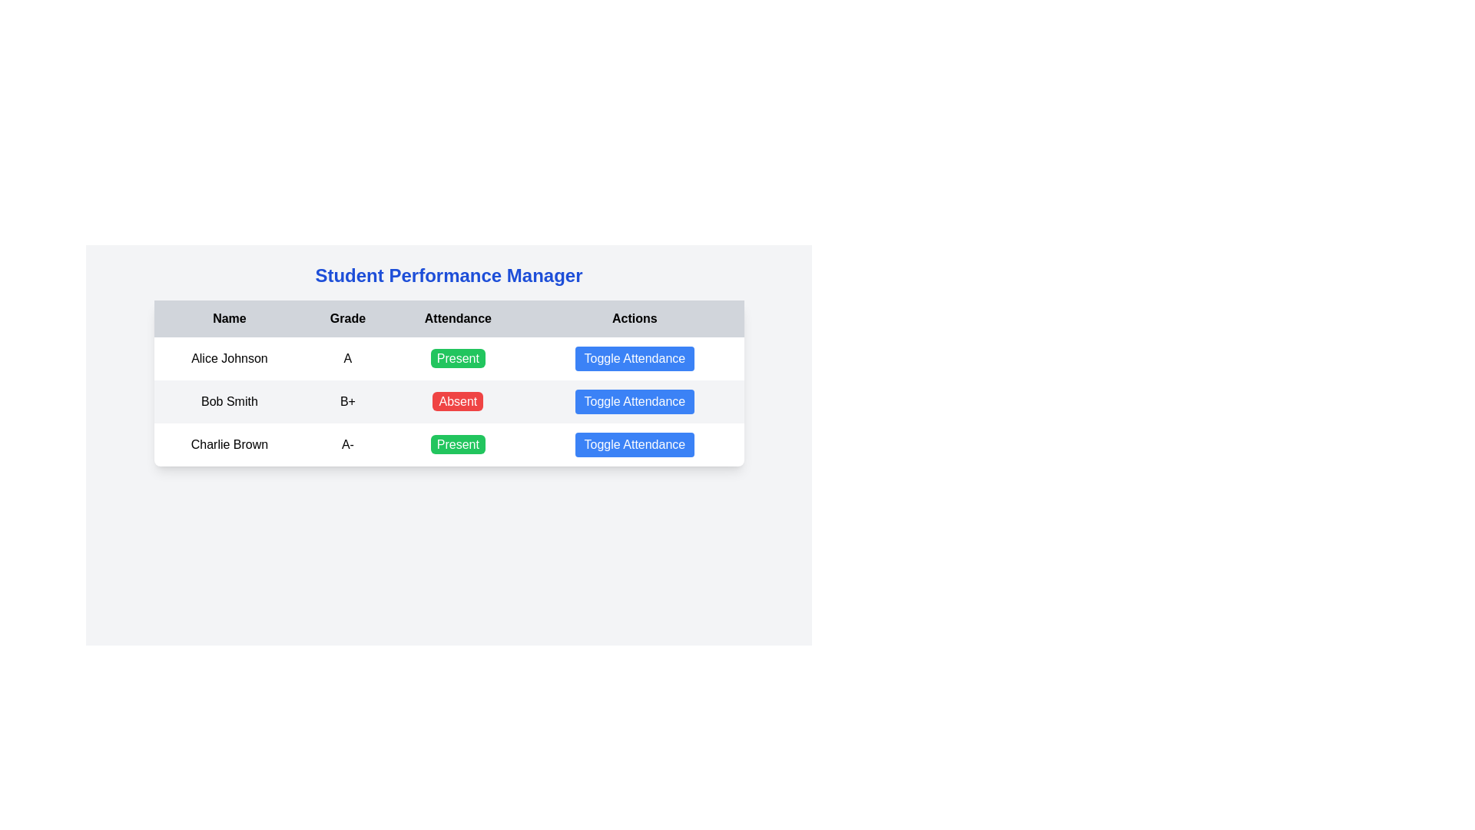 Image resolution: width=1475 pixels, height=830 pixels. I want to click on the static text label with the green background and the word 'Present' located in the 'Attendance' column of the third row of the table, adjacent to 'Charlie Brown', so click(457, 444).